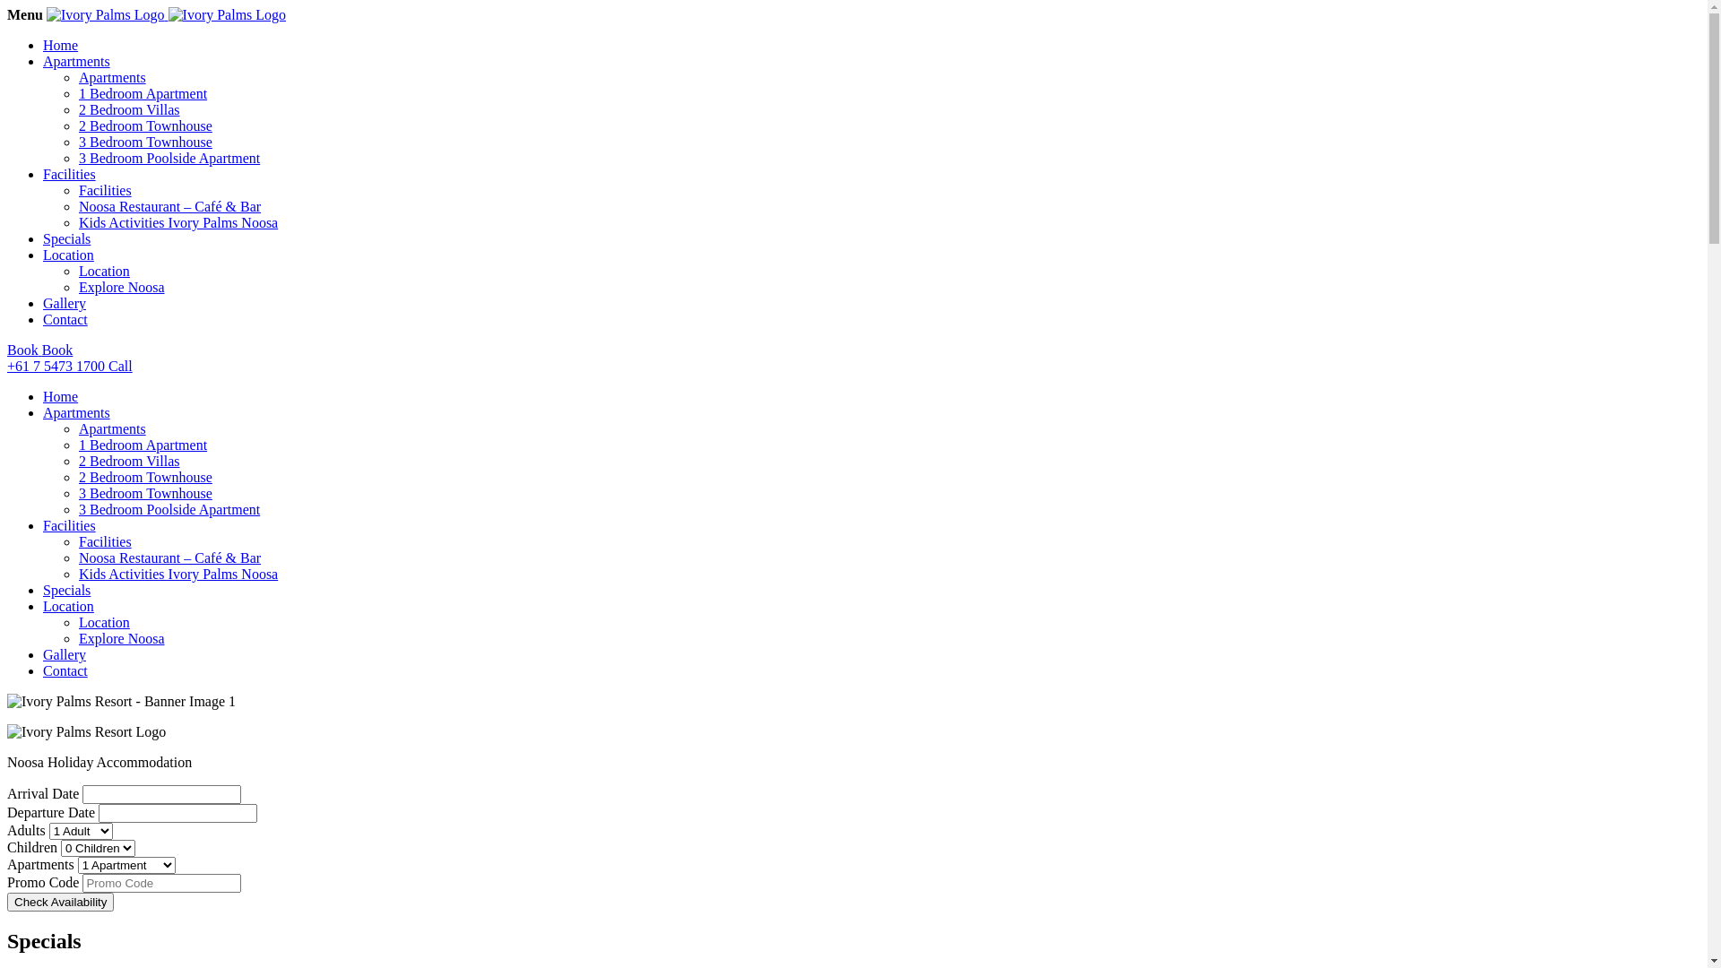  What do you see at coordinates (145, 476) in the screenshot?
I see `'2 Bedroom Townhouse'` at bounding box center [145, 476].